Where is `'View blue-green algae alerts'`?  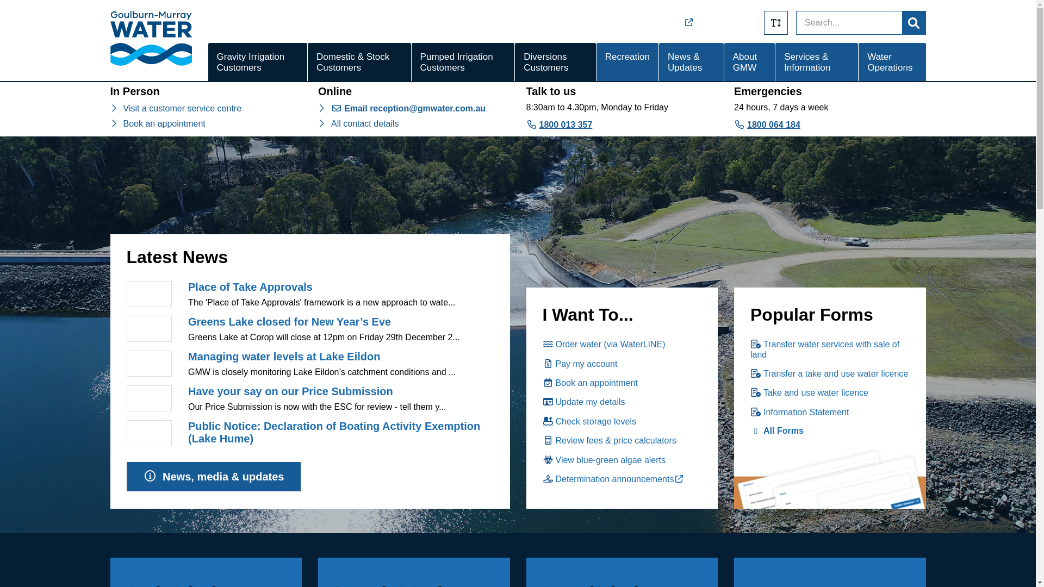 'View blue-green algae alerts' is located at coordinates (604, 460).